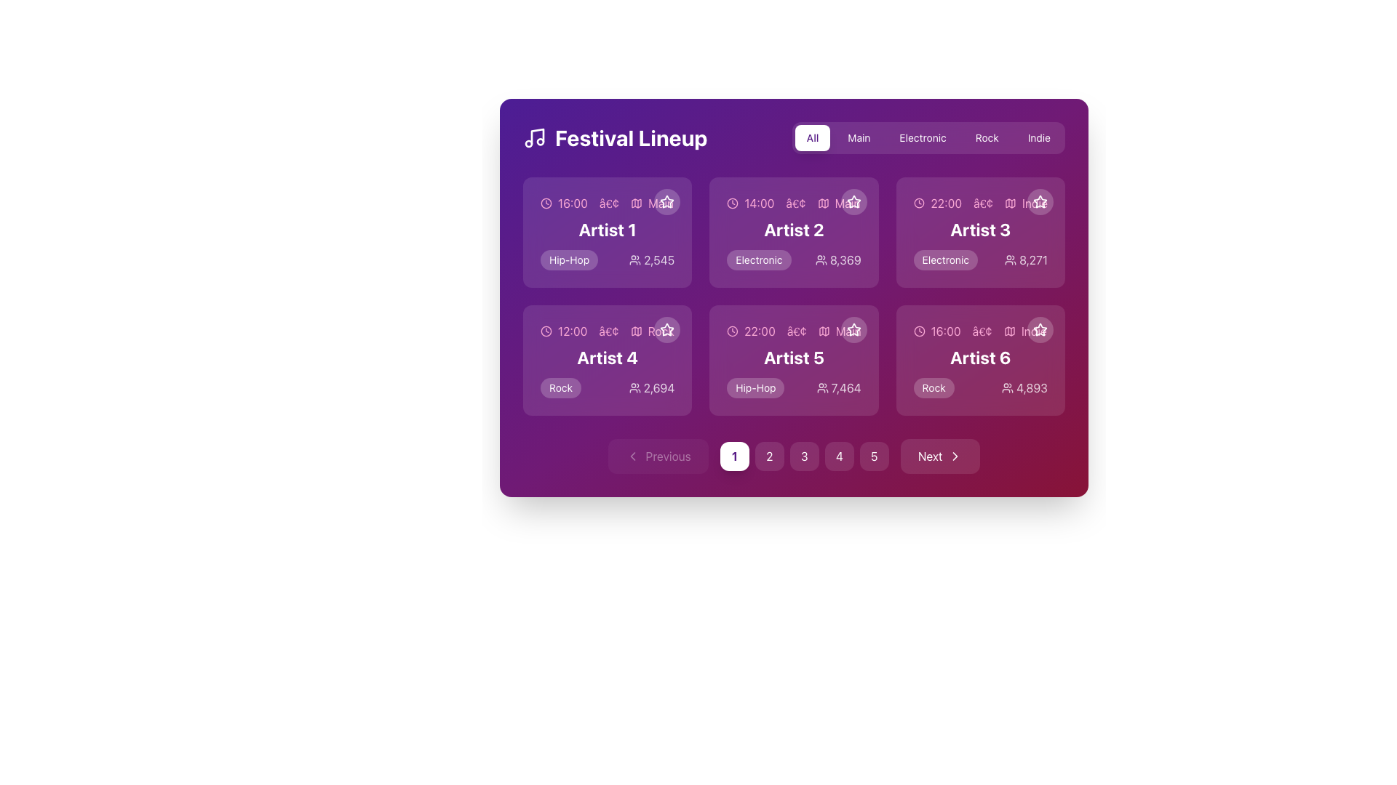  Describe the element at coordinates (560, 387) in the screenshot. I see `the tag element that identifies the music genre for 'Artist 4' in the bottom-left corner of the Festival Lineup interface` at that location.